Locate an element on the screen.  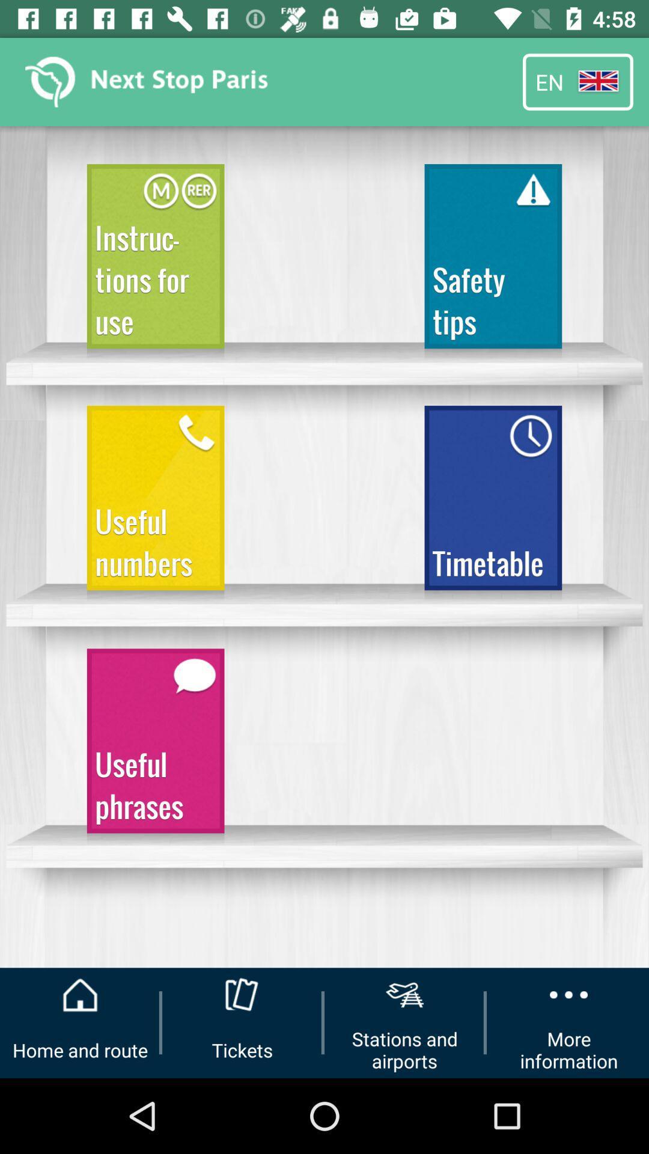
the yellow color button is located at coordinates (155, 504).